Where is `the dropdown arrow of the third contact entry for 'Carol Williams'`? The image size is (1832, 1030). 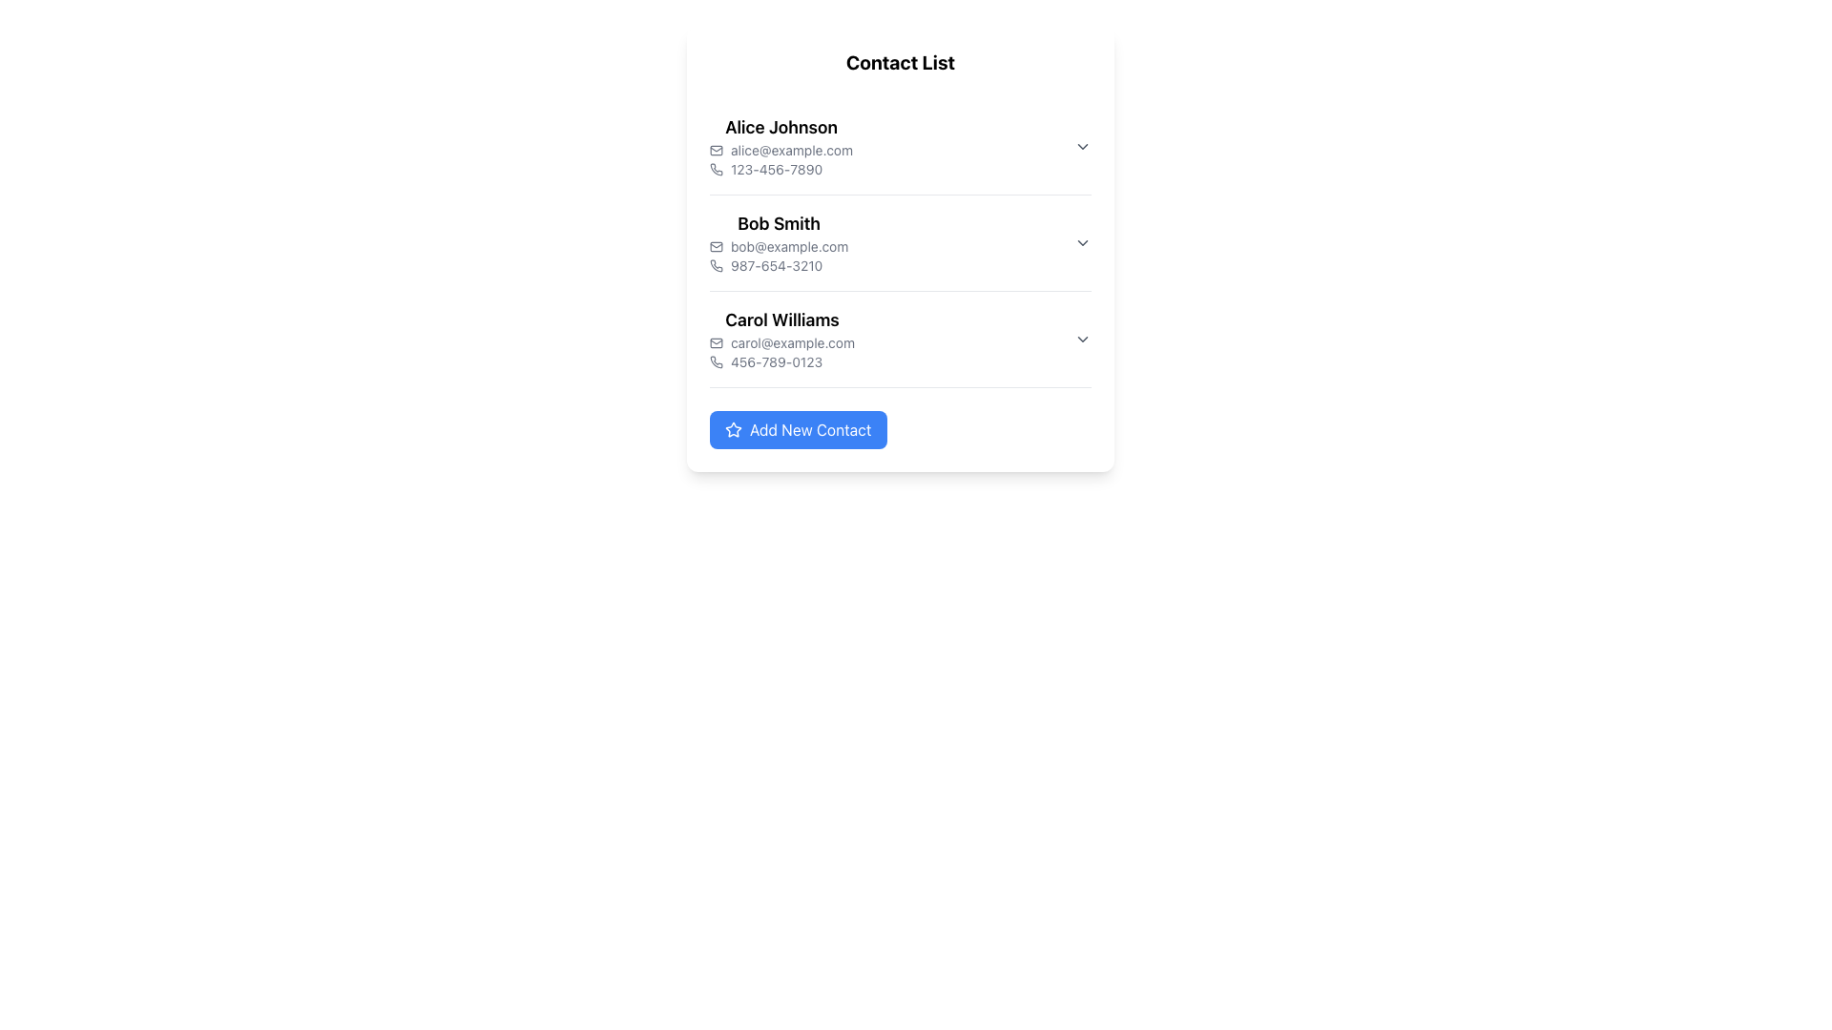
the dropdown arrow of the third contact entry for 'Carol Williams' is located at coordinates (900, 338).